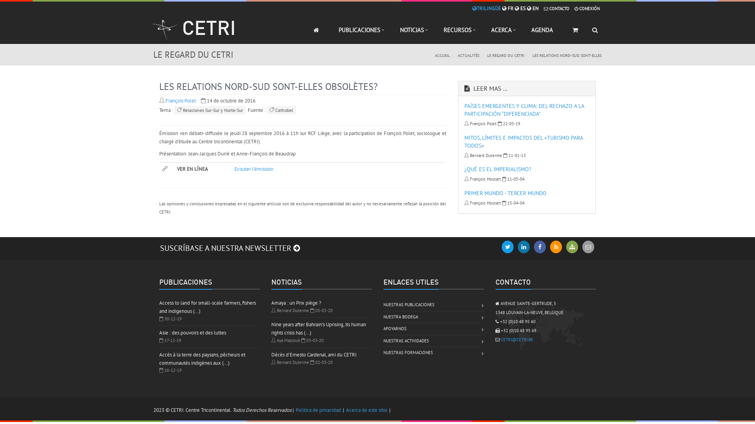 This screenshot has width=755, height=424. I want to click on 'CETRI@CETRI.BE', so click(517, 339).